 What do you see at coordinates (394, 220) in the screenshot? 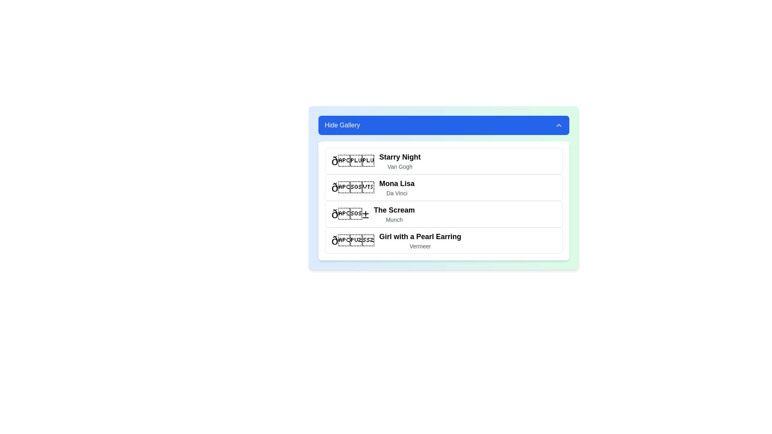
I see `the static text label indicating the creator of the painting titled 'The Scream', which is positioned below the title and aligned with it` at bounding box center [394, 220].